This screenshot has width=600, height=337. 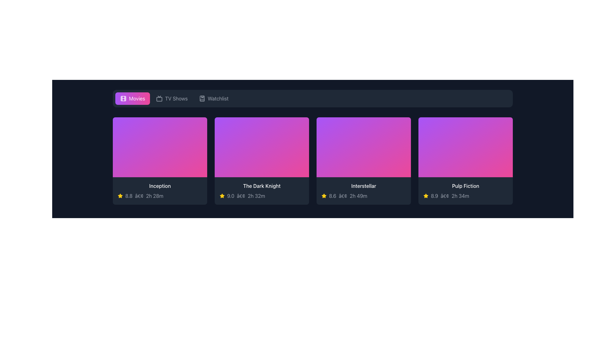 I want to click on the movie card displaying 'Interstellar', so click(x=363, y=161).